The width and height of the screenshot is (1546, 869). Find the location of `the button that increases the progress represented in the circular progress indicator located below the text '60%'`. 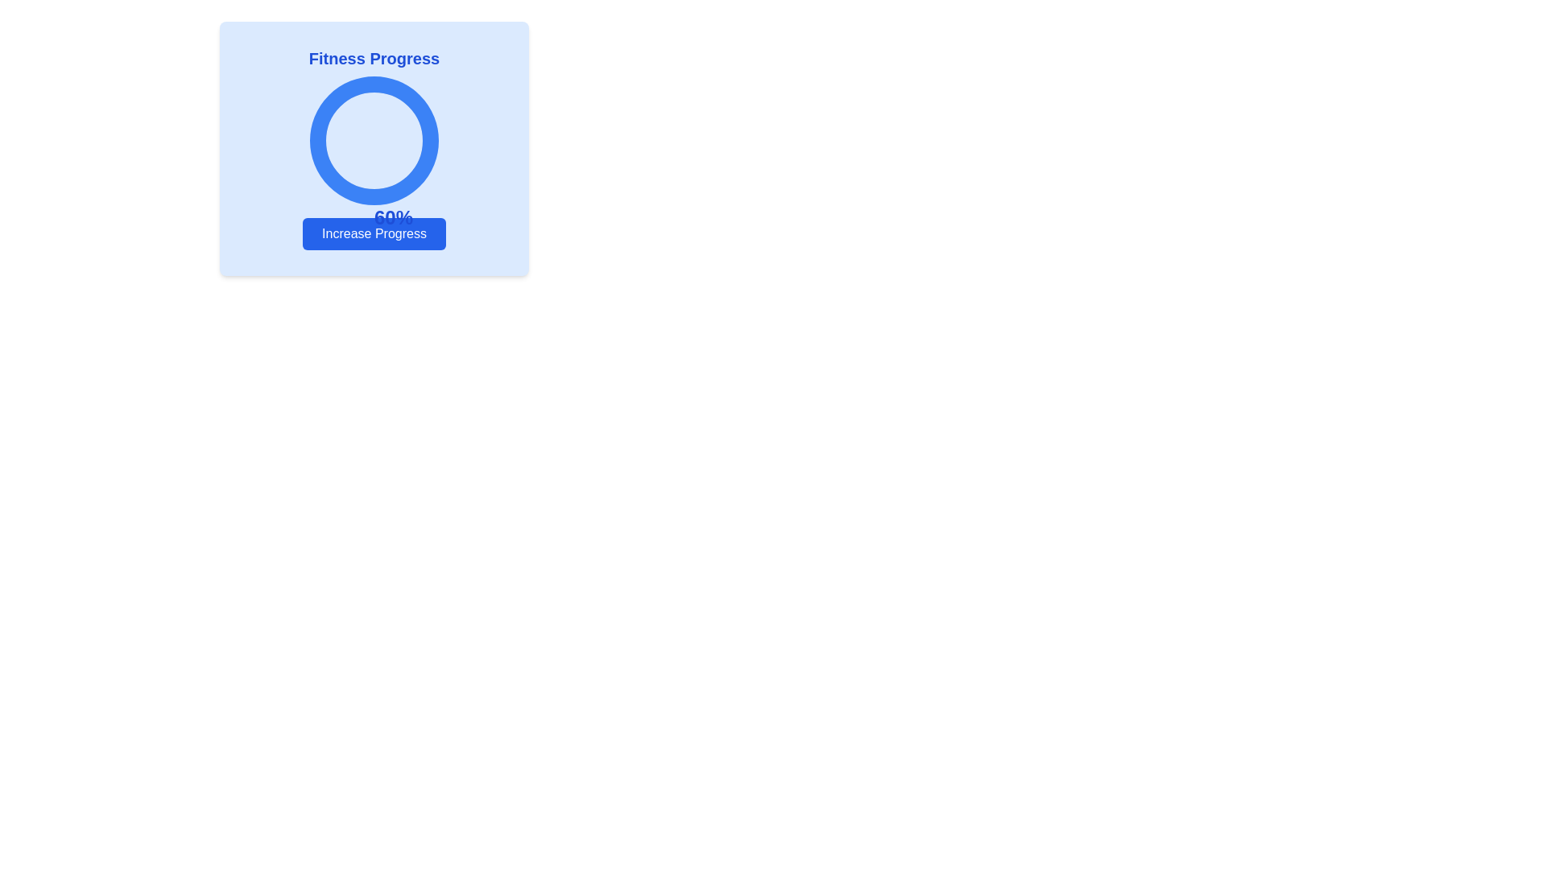

the button that increases the progress represented in the circular progress indicator located below the text '60%' is located at coordinates (374, 233).